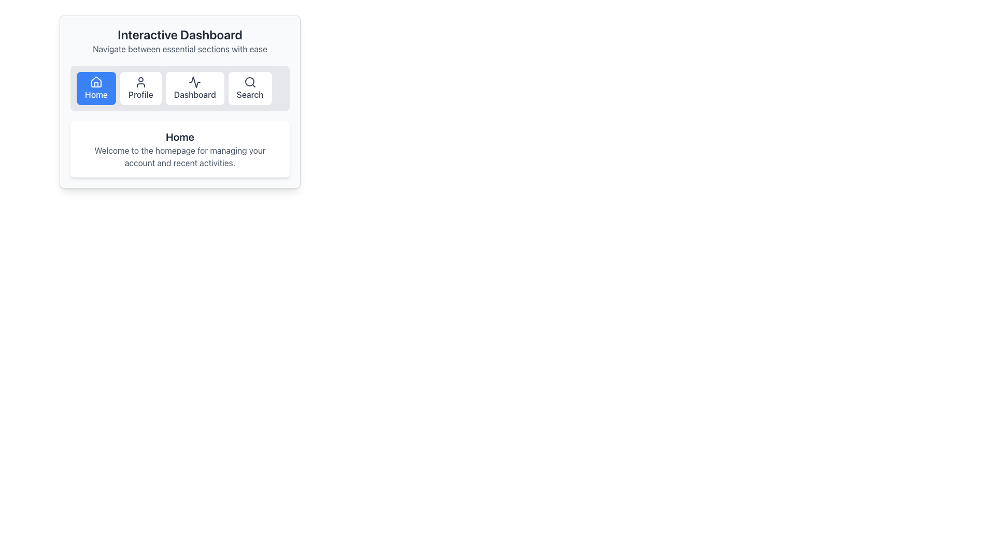 Image resolution: width=995 pixels, height=559 pixels. What do you see at coordinates (195, 94) in the screenshot?
I see `the 'Dashboard' text label located below the activity icon in the navigation section` at bounding box center [195, 94].